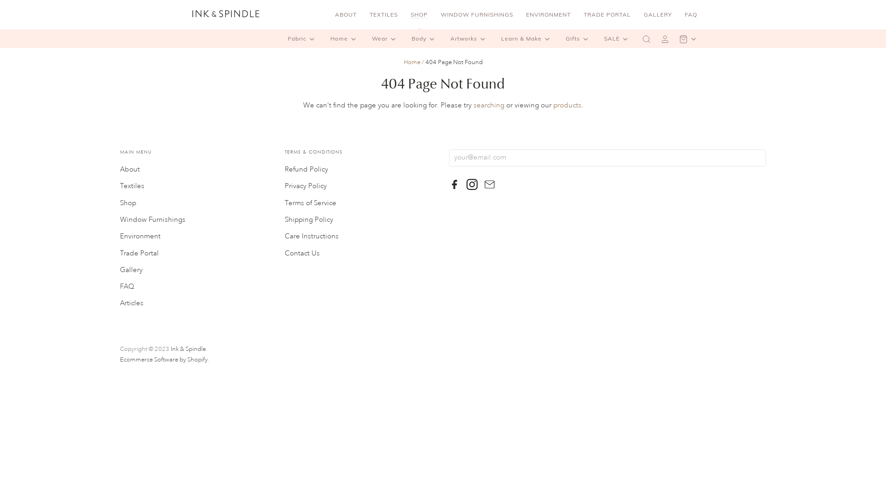 The image size is (886, 498). I want to click on 'Cart', so click(688, 38).